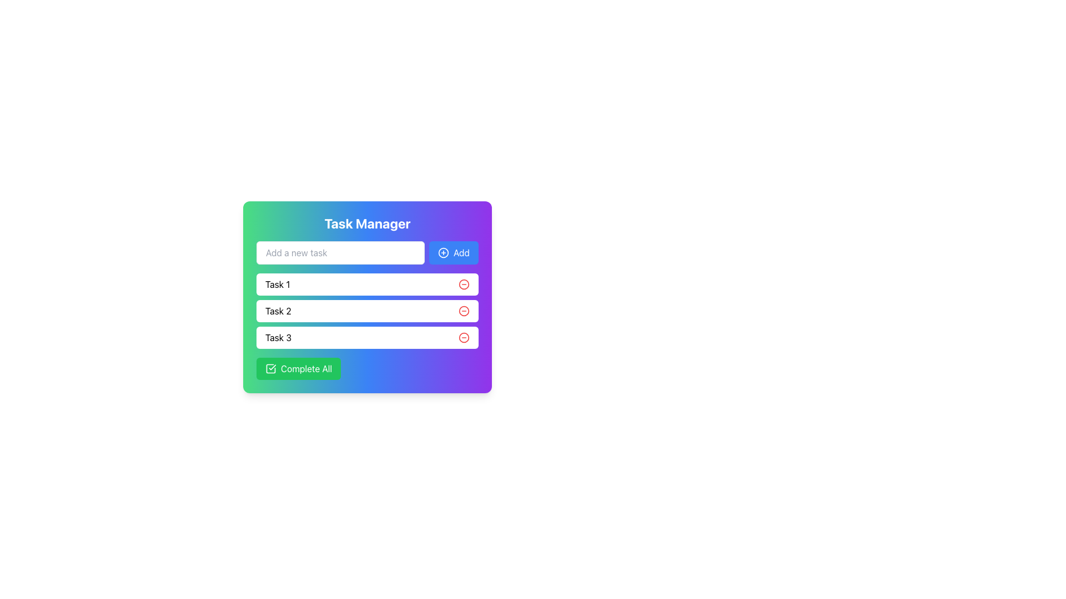  I want to click on the second task item in the task manager interface, so click(368, 311).